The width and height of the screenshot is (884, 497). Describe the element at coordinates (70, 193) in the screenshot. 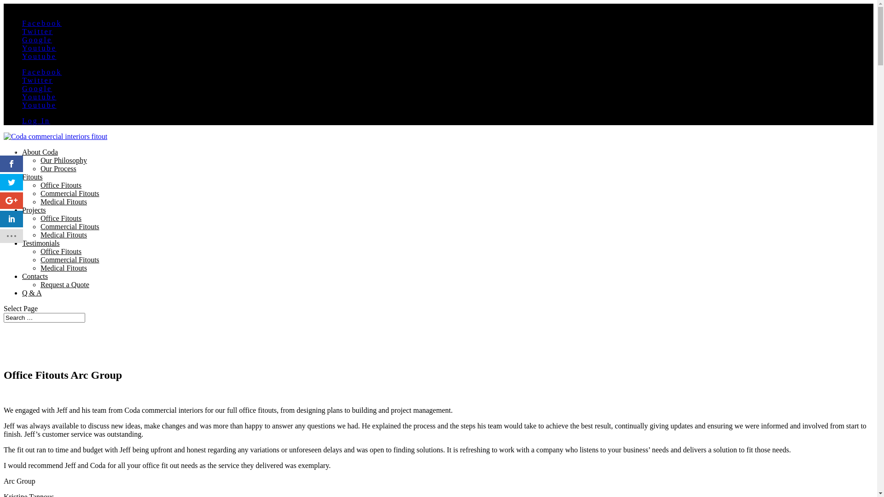

I see `'Commercial Fitouts'` at that location.